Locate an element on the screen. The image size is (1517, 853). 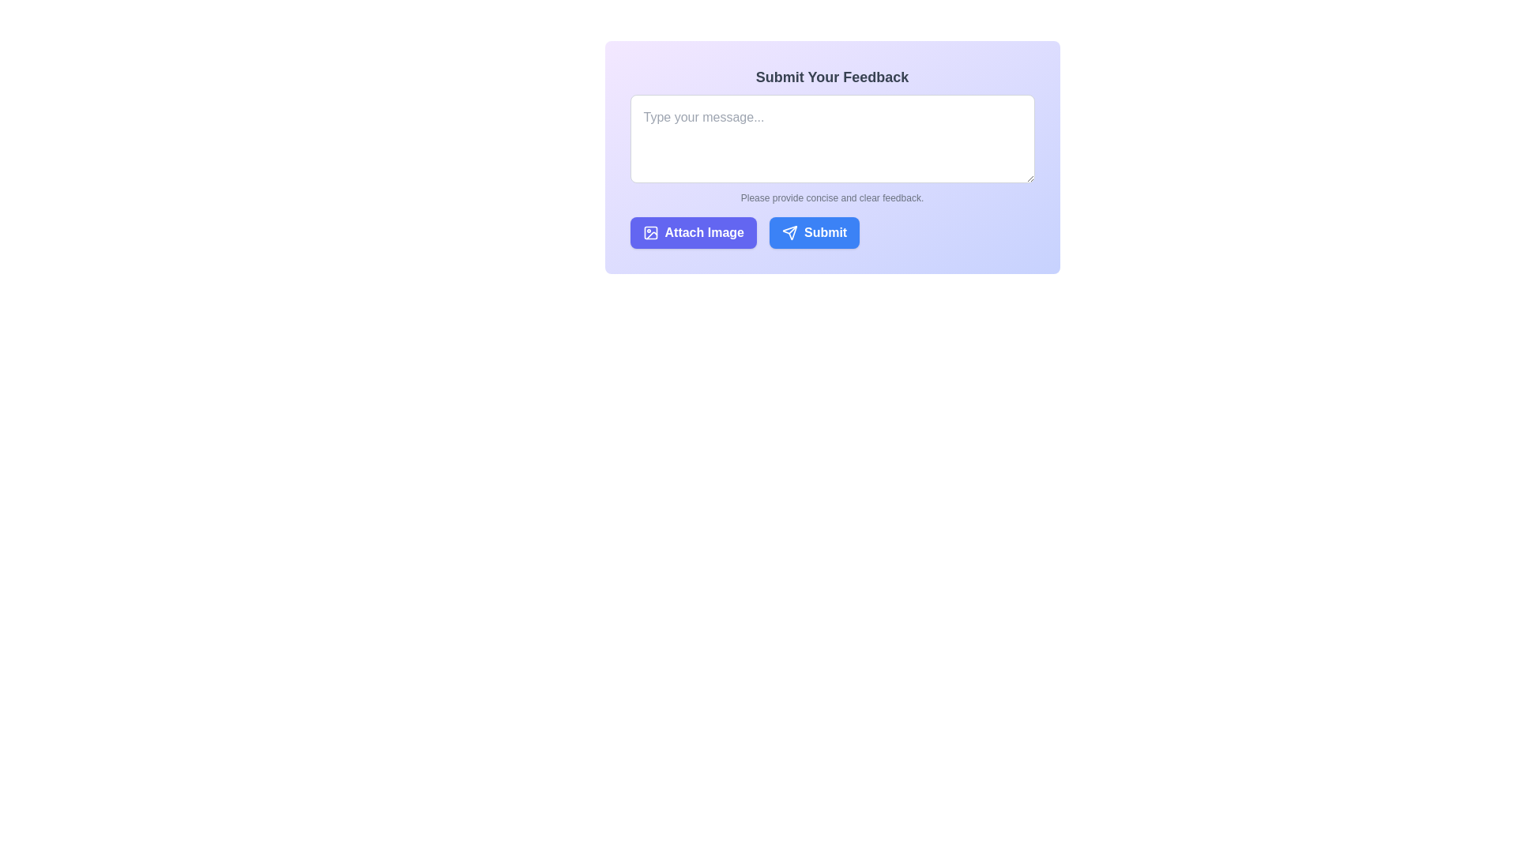
the bold dark gray text label reading 'Submit Your Feedback' positioned at the top of the user feedback form is located at coordinates (831, 77).